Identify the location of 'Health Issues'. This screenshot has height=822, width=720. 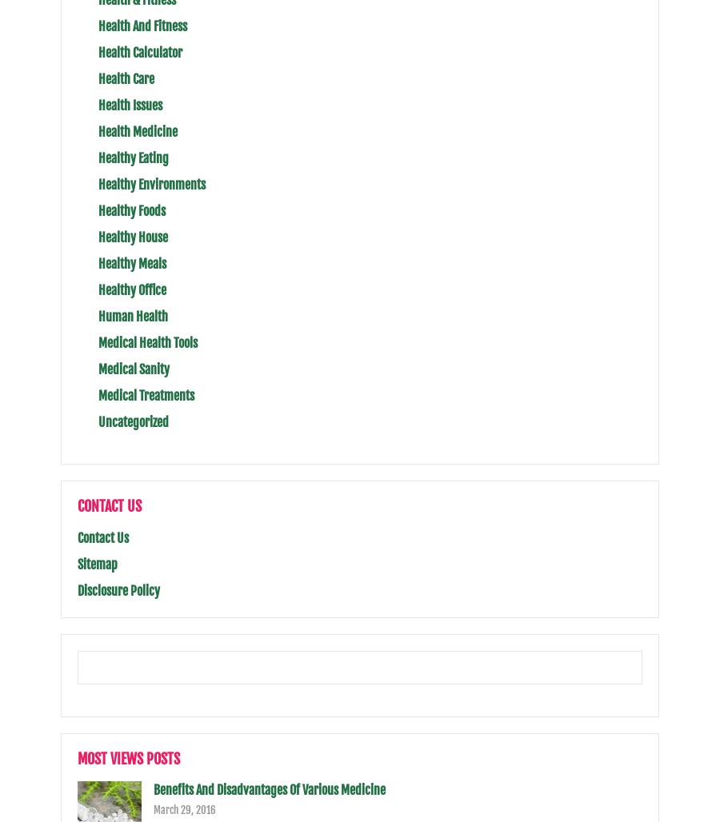
(130, 104).